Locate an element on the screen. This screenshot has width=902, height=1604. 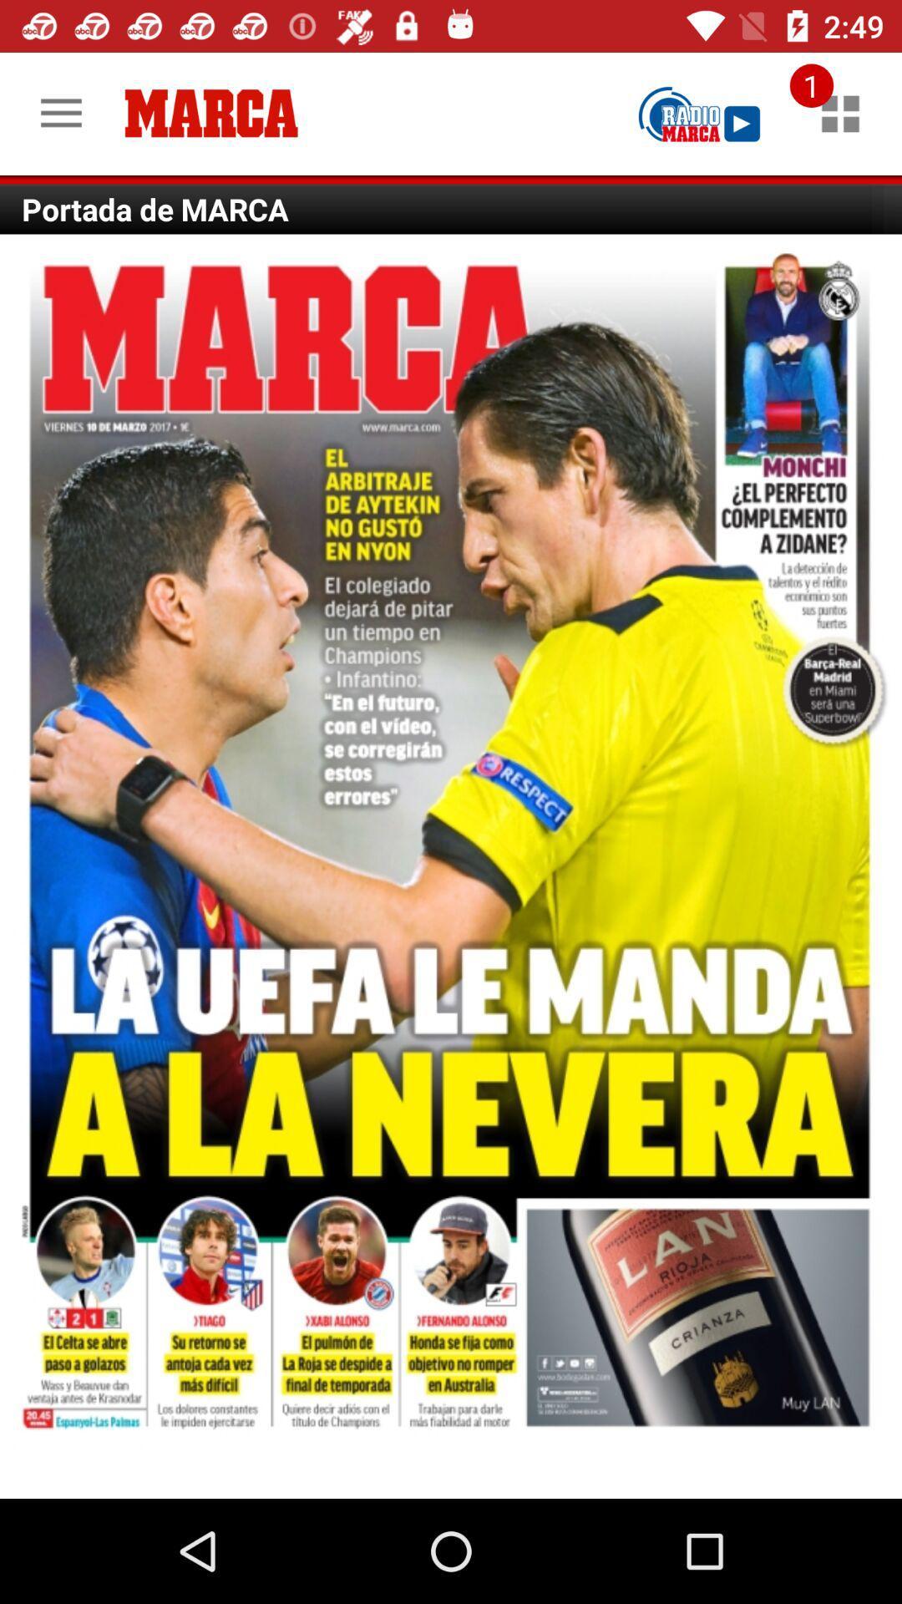
radio is located at coordinates (699, 113).